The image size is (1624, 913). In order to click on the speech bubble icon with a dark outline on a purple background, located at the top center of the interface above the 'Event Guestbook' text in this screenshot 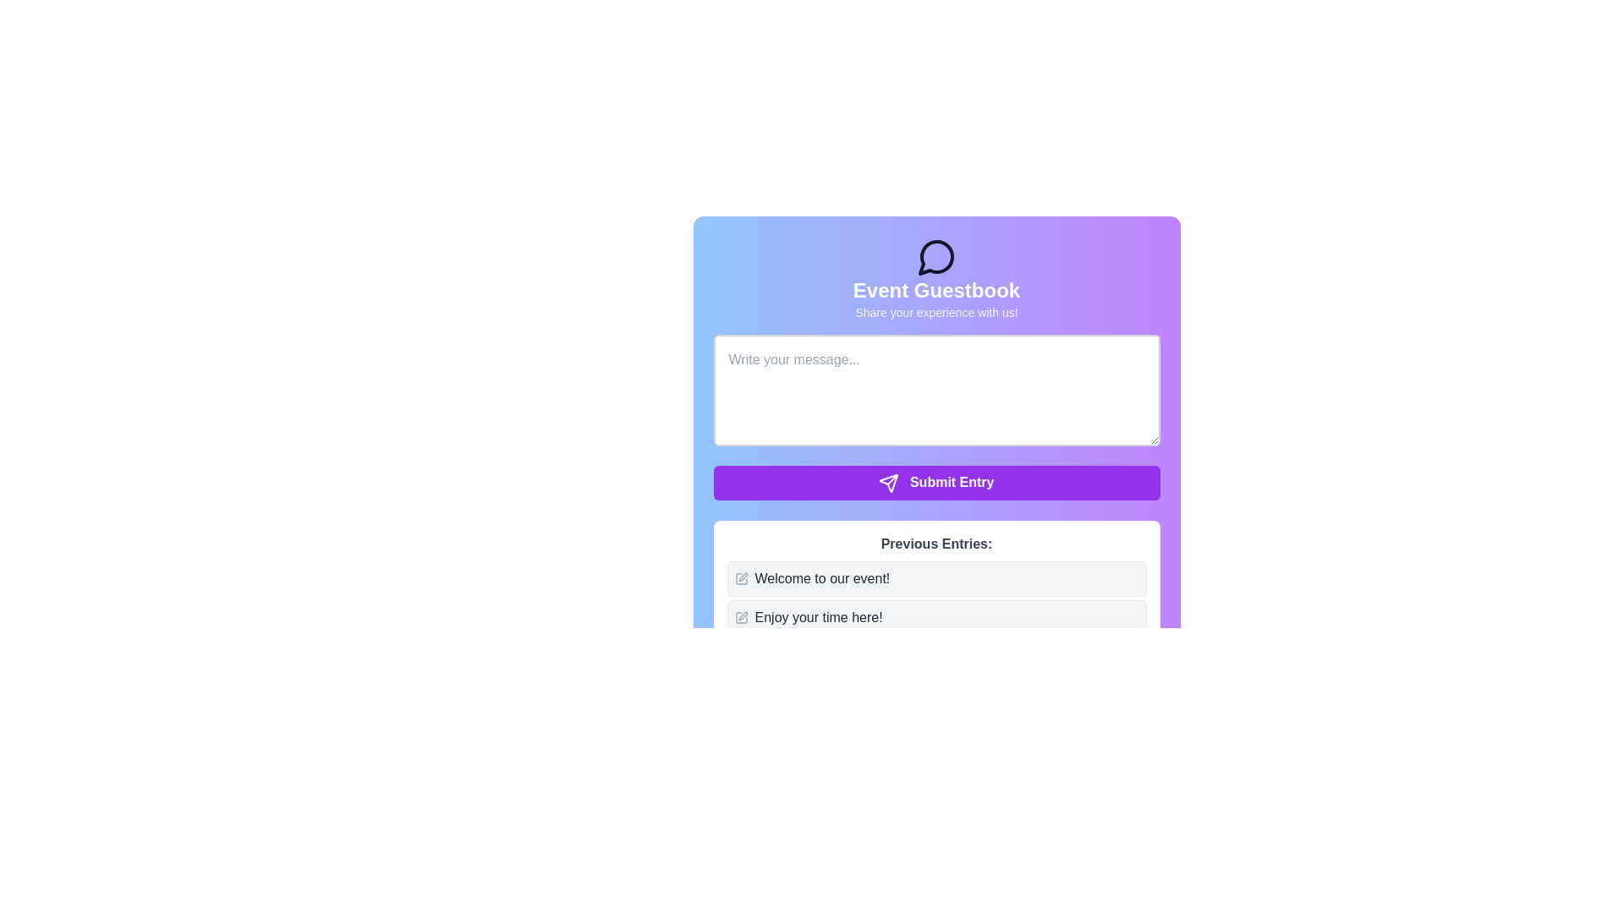, I will do `click(935, 257)`.